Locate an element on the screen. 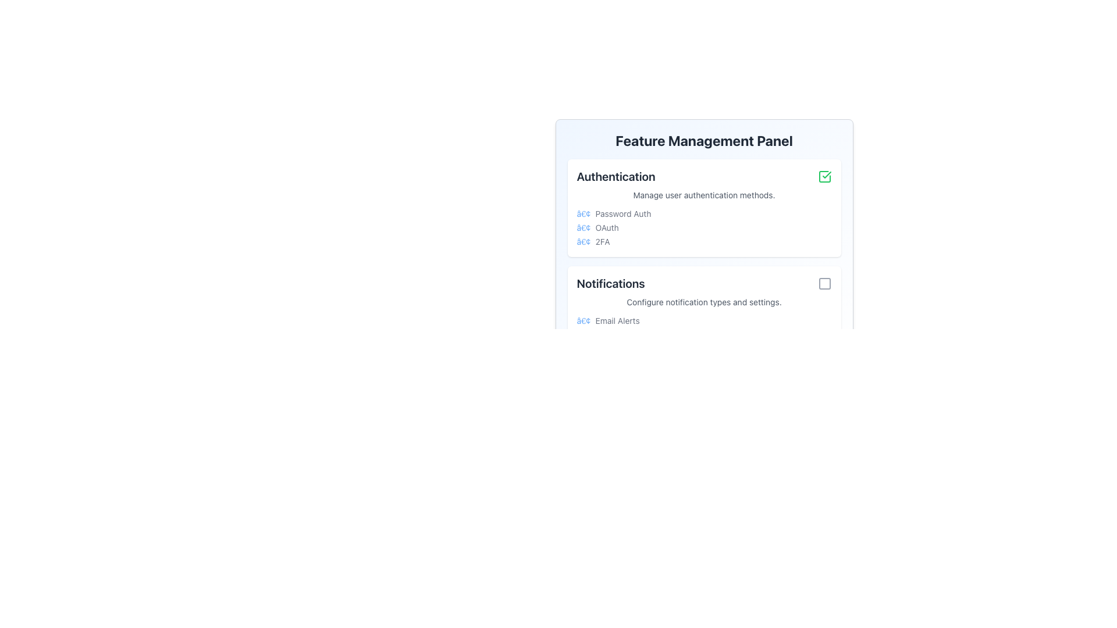 The image size is (1117, 628). the 'Authentication' panel, which is the first of two main sections displaying user authentication-related information and methods is located at coordinates (703, 208).